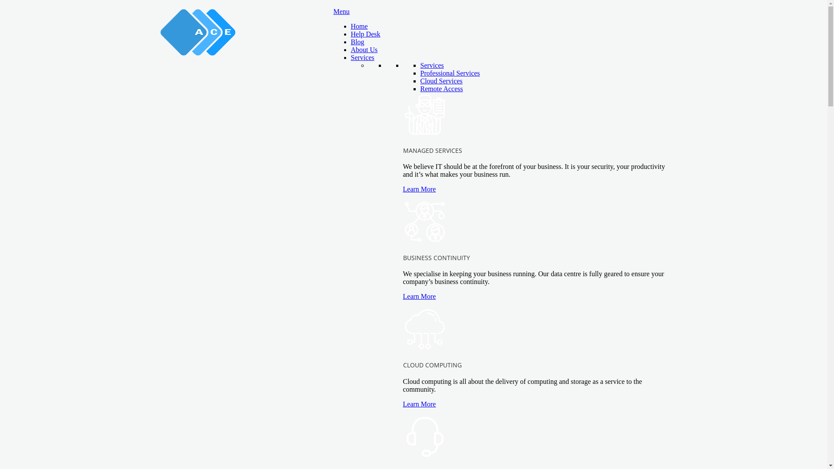 Image resolution: width=834 pixels, height=469 pixels. What do you see at coordinates (432, 65) in the screenshot?
I see `'Services'` at bounding box center [432, 65].